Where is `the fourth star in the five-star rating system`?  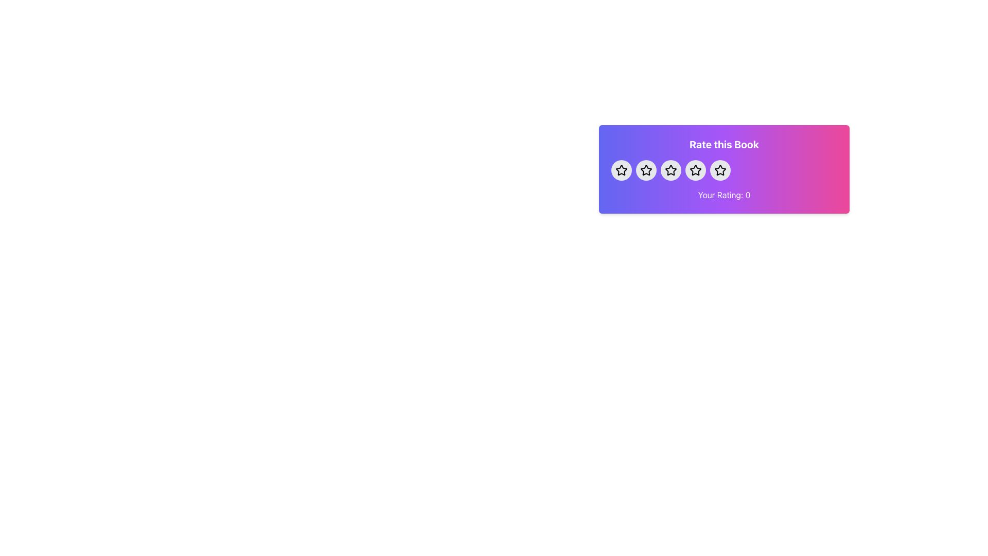
the fourth star in the five-star rating system is located at coordinates (696, 169).